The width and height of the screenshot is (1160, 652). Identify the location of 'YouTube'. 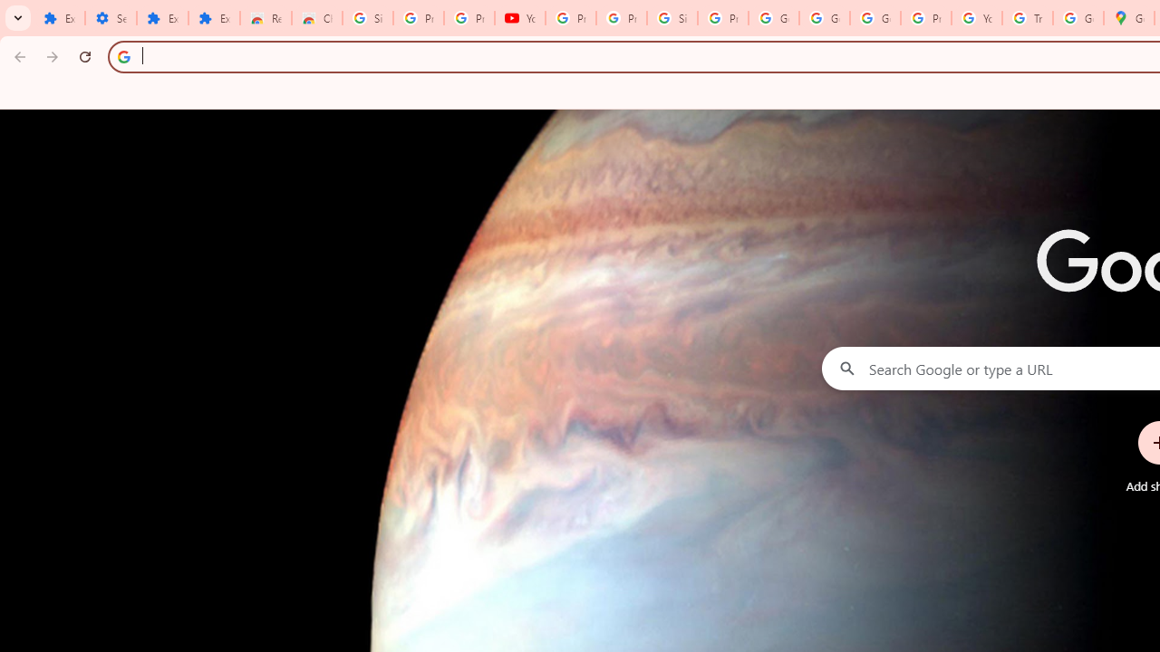
(519, 18).